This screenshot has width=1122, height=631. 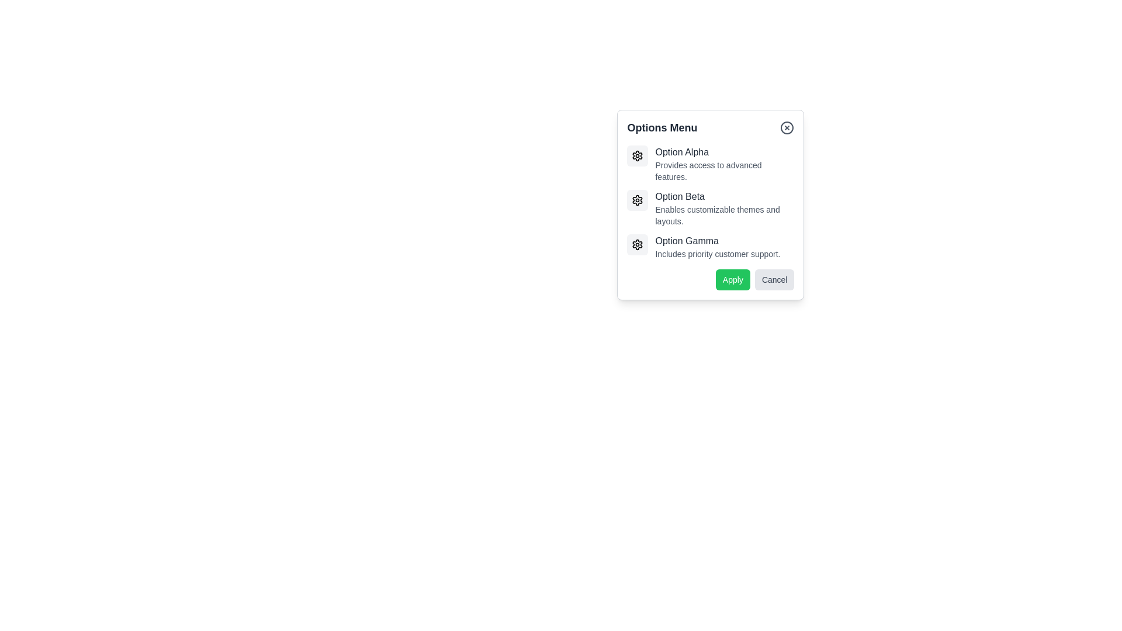 What do you see at coordinates (749, 193) in the screenshot?
I see `the 'Option Beta' menu item in the 'Options Menu'` at bounding box center [749, 193].